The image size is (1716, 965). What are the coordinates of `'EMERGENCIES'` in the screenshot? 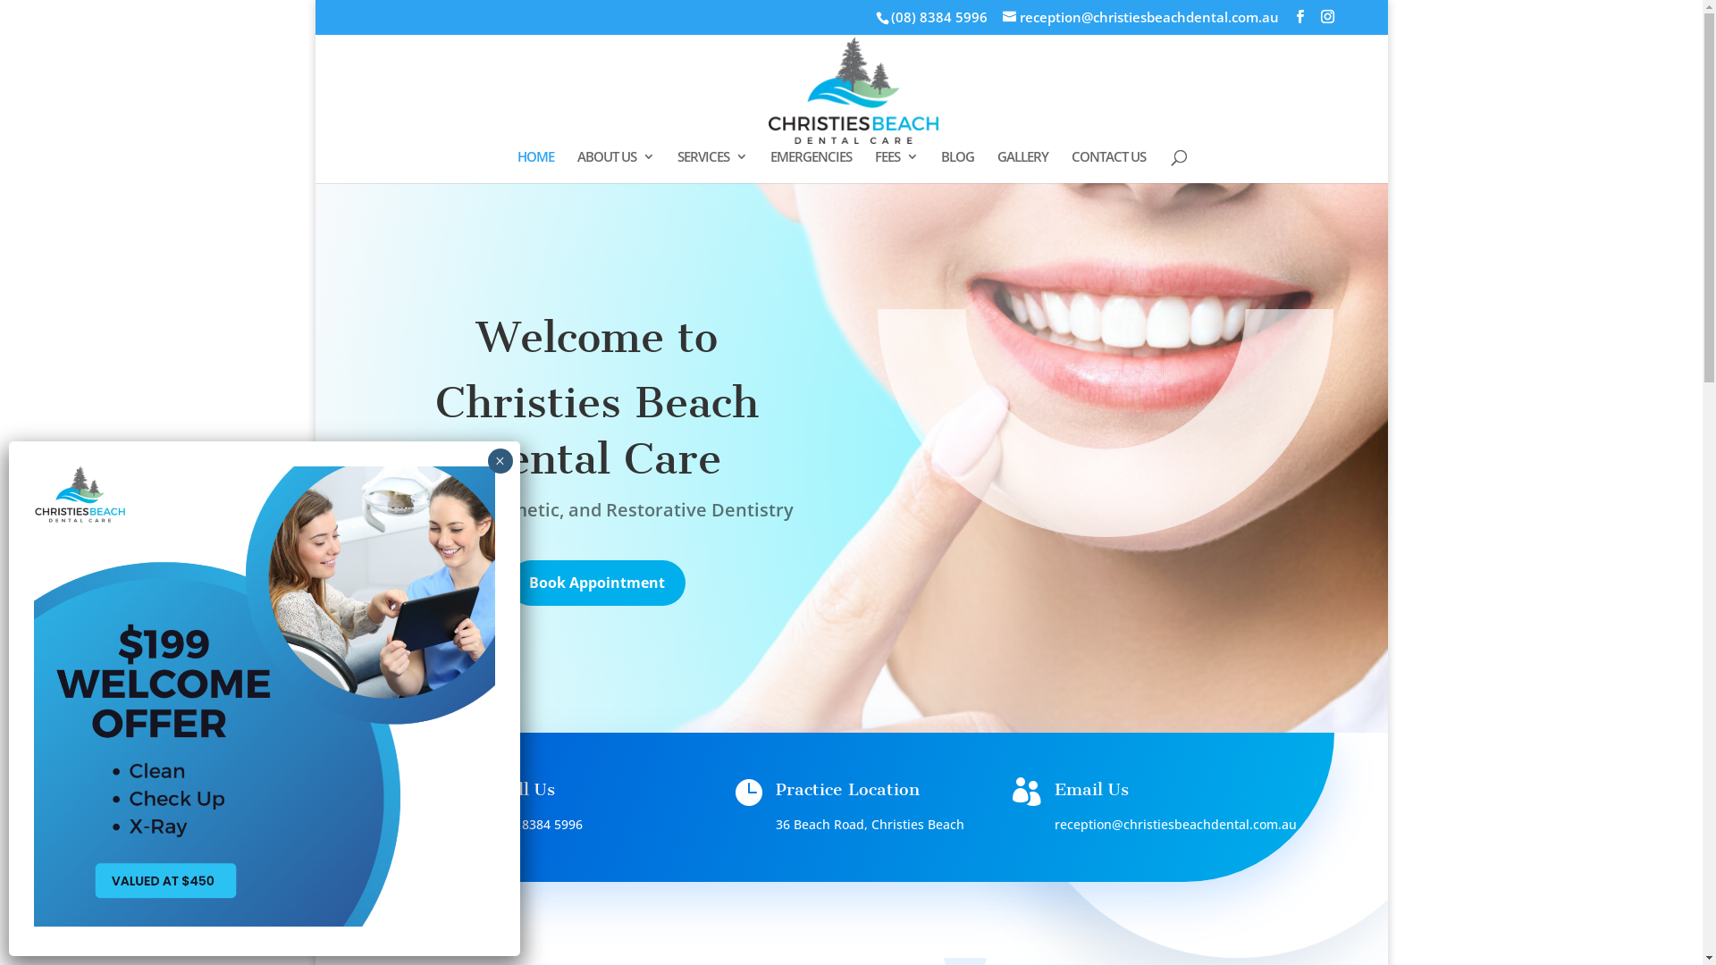 It's located at (810, 166).